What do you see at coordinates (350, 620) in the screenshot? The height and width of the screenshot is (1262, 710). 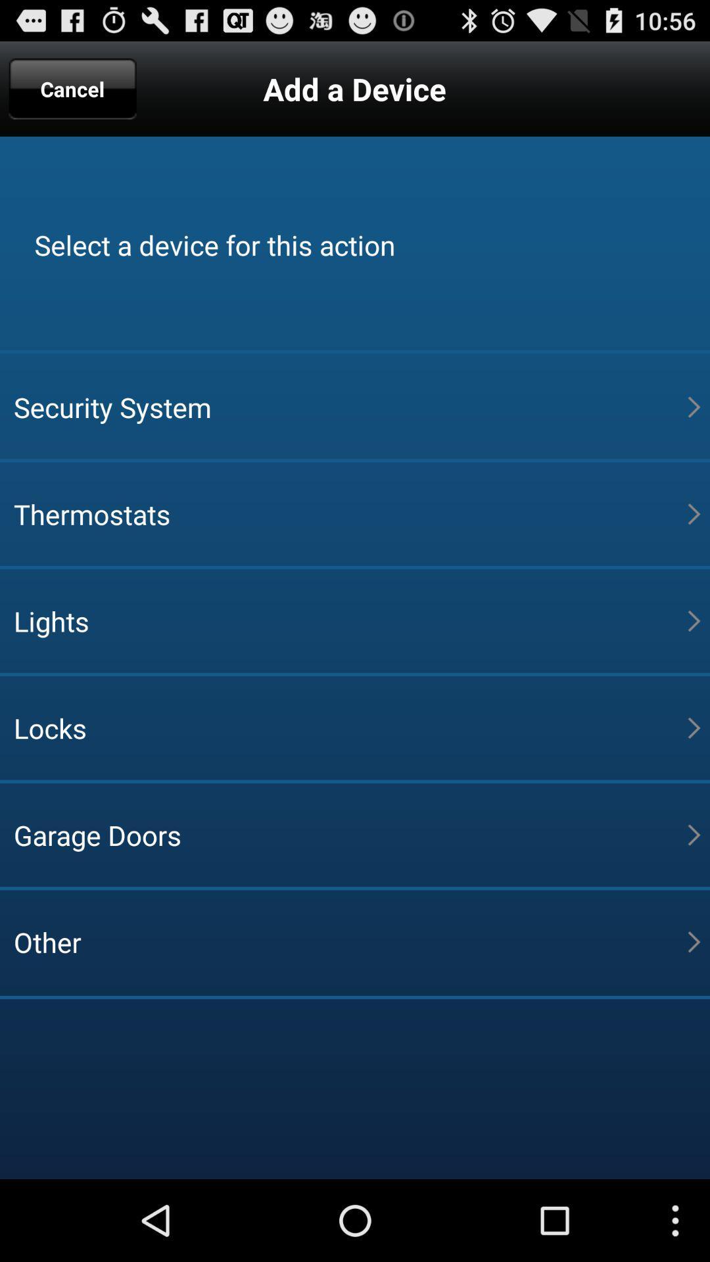 I see `the item below thermostats app` at bounding box center [350, 620].